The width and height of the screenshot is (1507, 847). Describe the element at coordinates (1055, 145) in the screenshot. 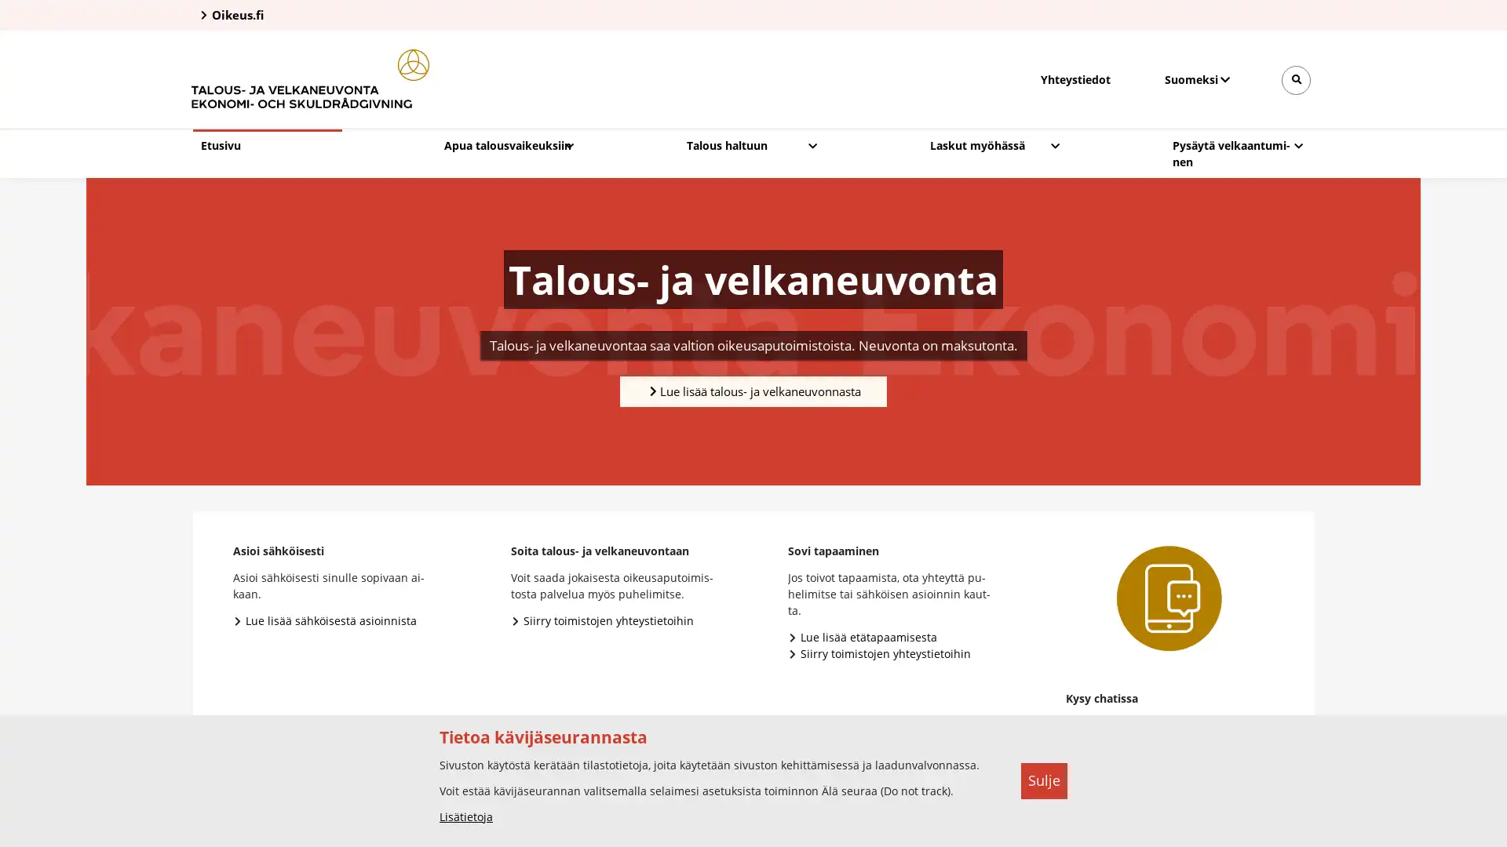

I see `Avaa pudotusvalikko` at that location.